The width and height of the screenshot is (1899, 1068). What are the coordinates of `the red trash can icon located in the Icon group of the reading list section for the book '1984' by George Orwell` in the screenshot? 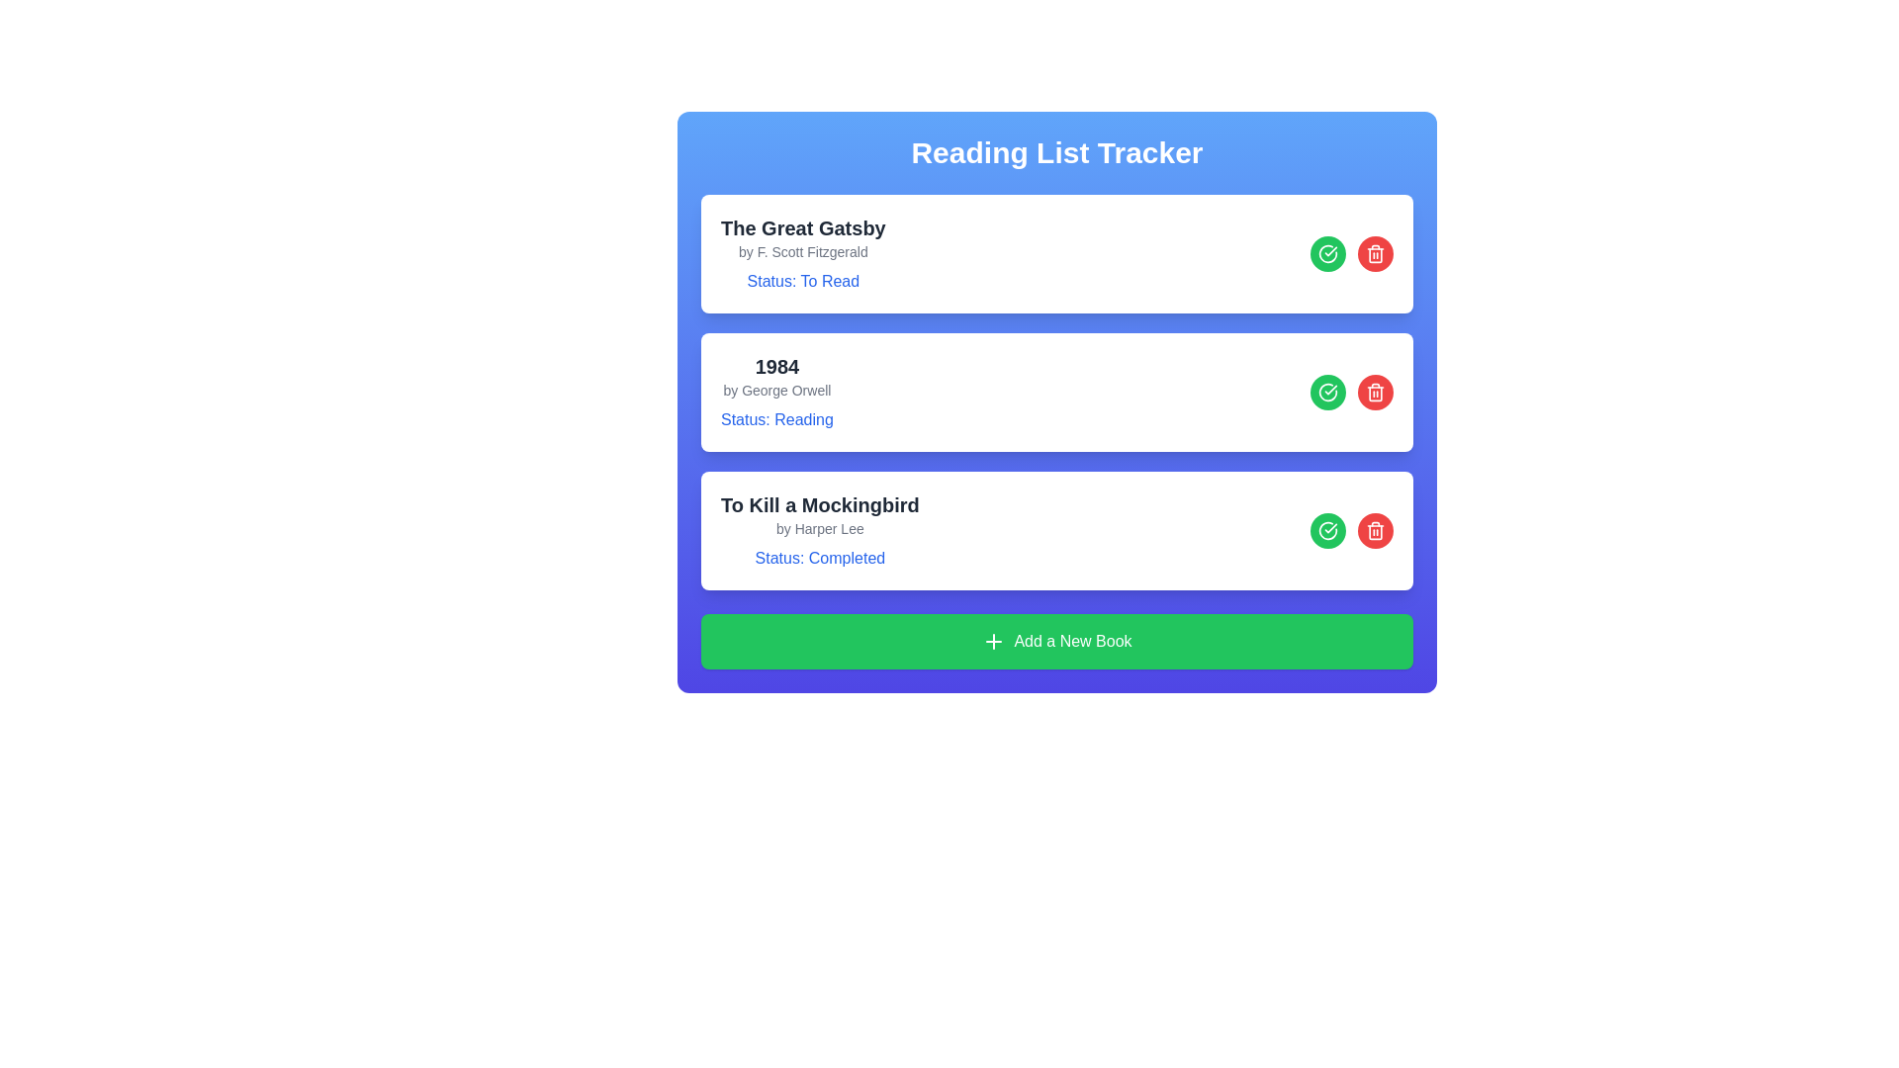 It's located at (1351, 393).